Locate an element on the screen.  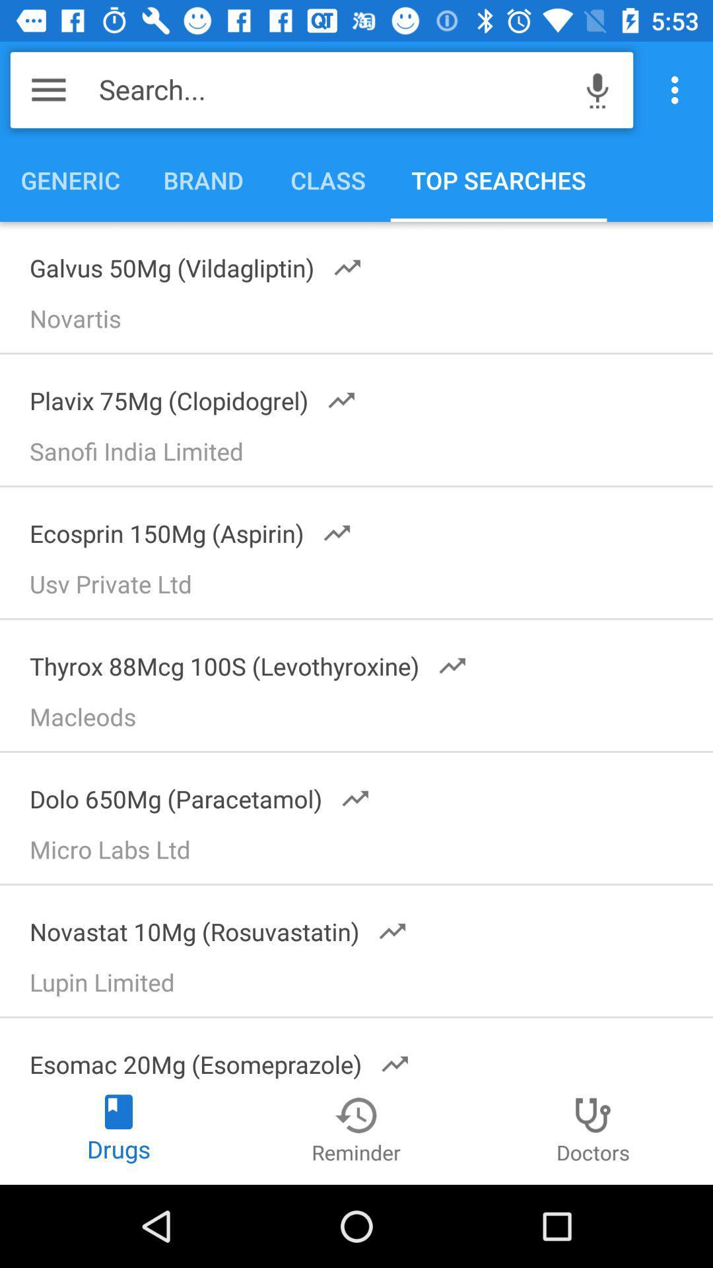
the sanofi india limited is located at coordinates (362, 456).